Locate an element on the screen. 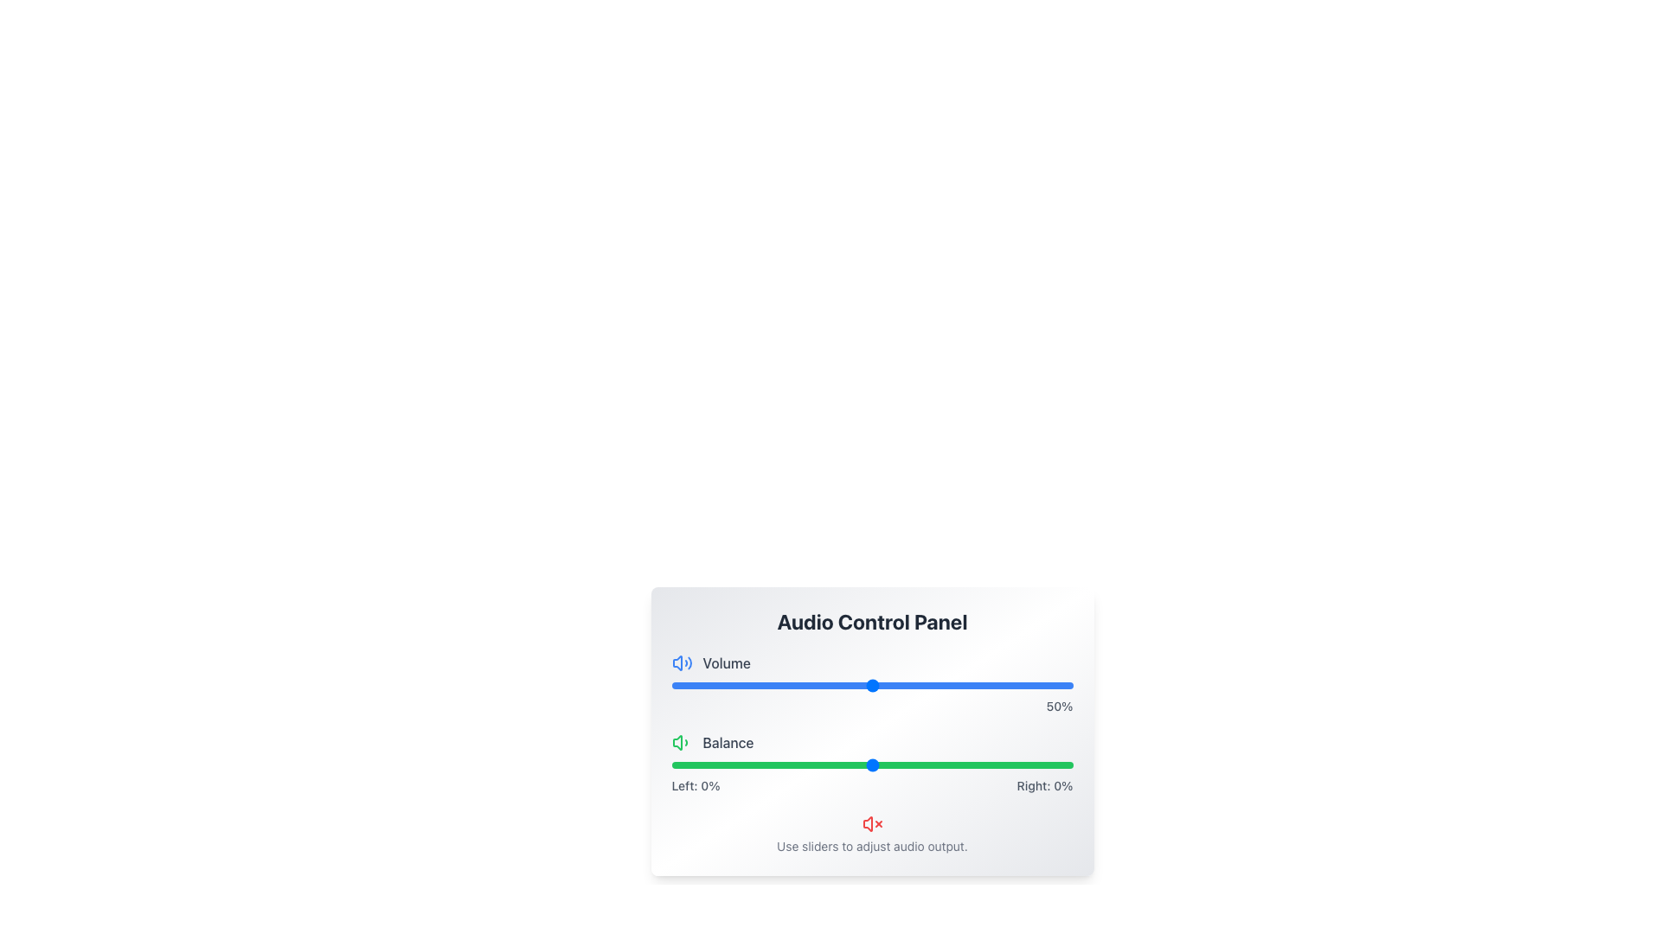  the slider value is located at coordinates (856, 685).